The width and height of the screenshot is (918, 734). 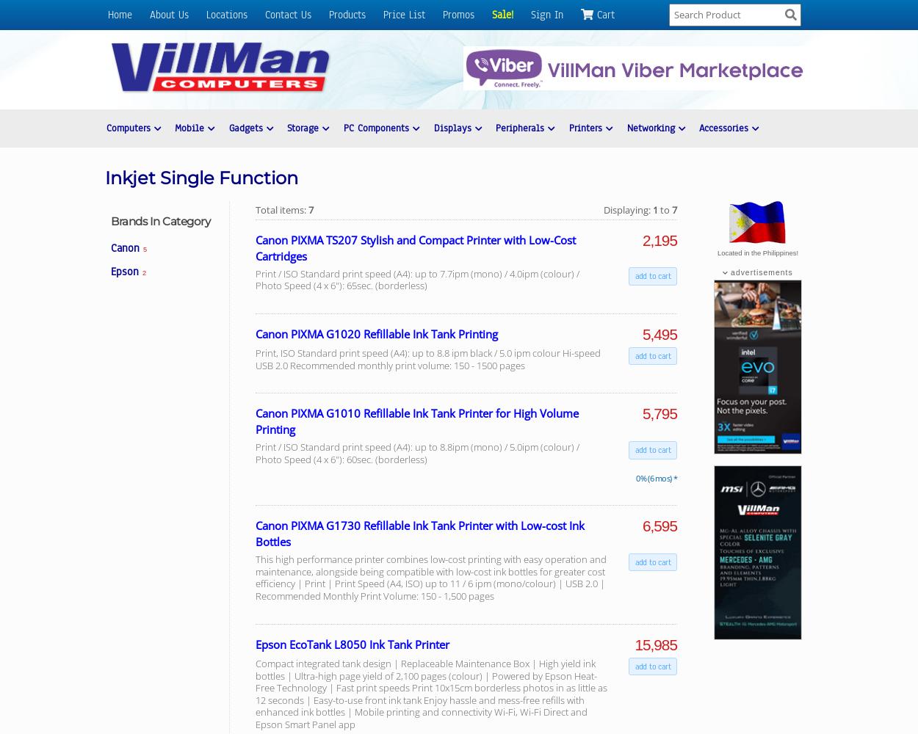 I want to click on 'Inkjet Single Function', so click(x=201, y=176).